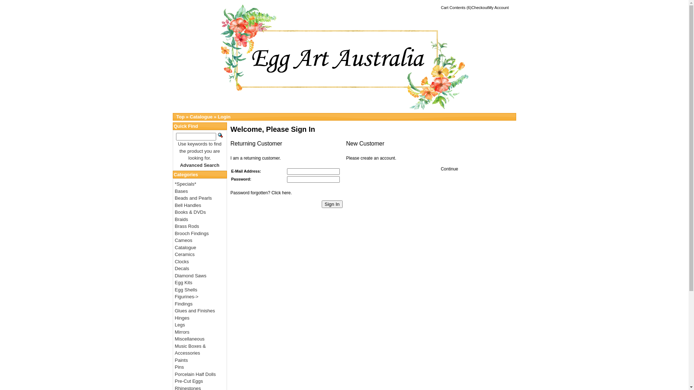 This screenshot has width=694, height=390. Describe the element at coordinates (321, 204) in the screenshot. I see `'Sign In'` at that location.